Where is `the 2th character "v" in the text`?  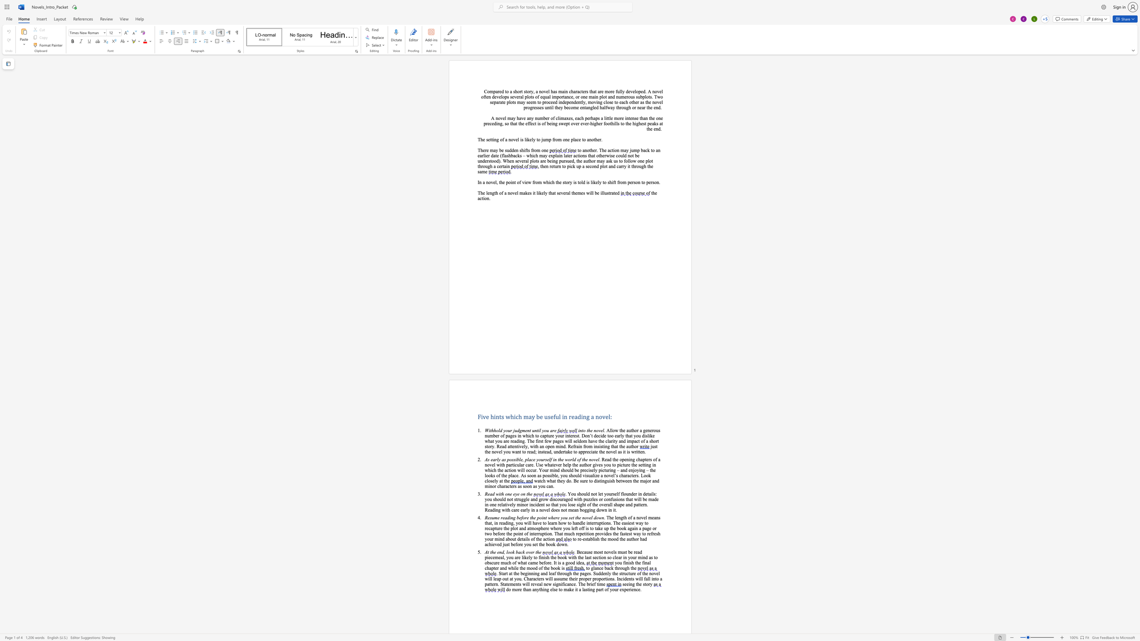
the 2th character "v" in the text is located at coordinates (604, 416).